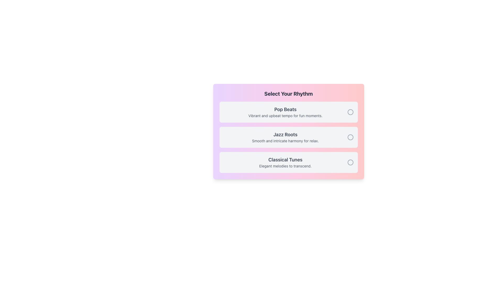 The height and width of the screenshot is (283, 503). Describe the element at coordinates (285, 116) in the screenshot. I see `the static text element located directly beneath the heading 'Pop Beats' in the selection card titled 'Select Your Rhythm.'` at that location.